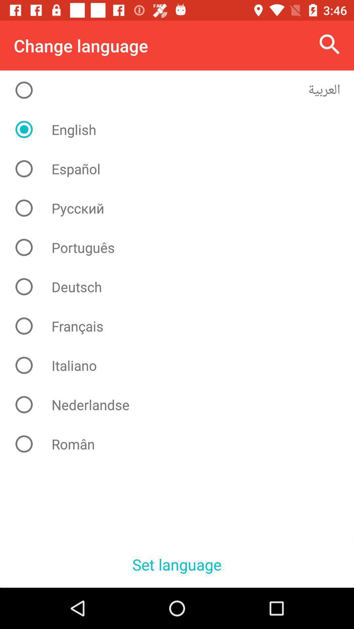 This screenshot has height=629, width=354. I want to click on the item below italiano icon, so click(182, 404).